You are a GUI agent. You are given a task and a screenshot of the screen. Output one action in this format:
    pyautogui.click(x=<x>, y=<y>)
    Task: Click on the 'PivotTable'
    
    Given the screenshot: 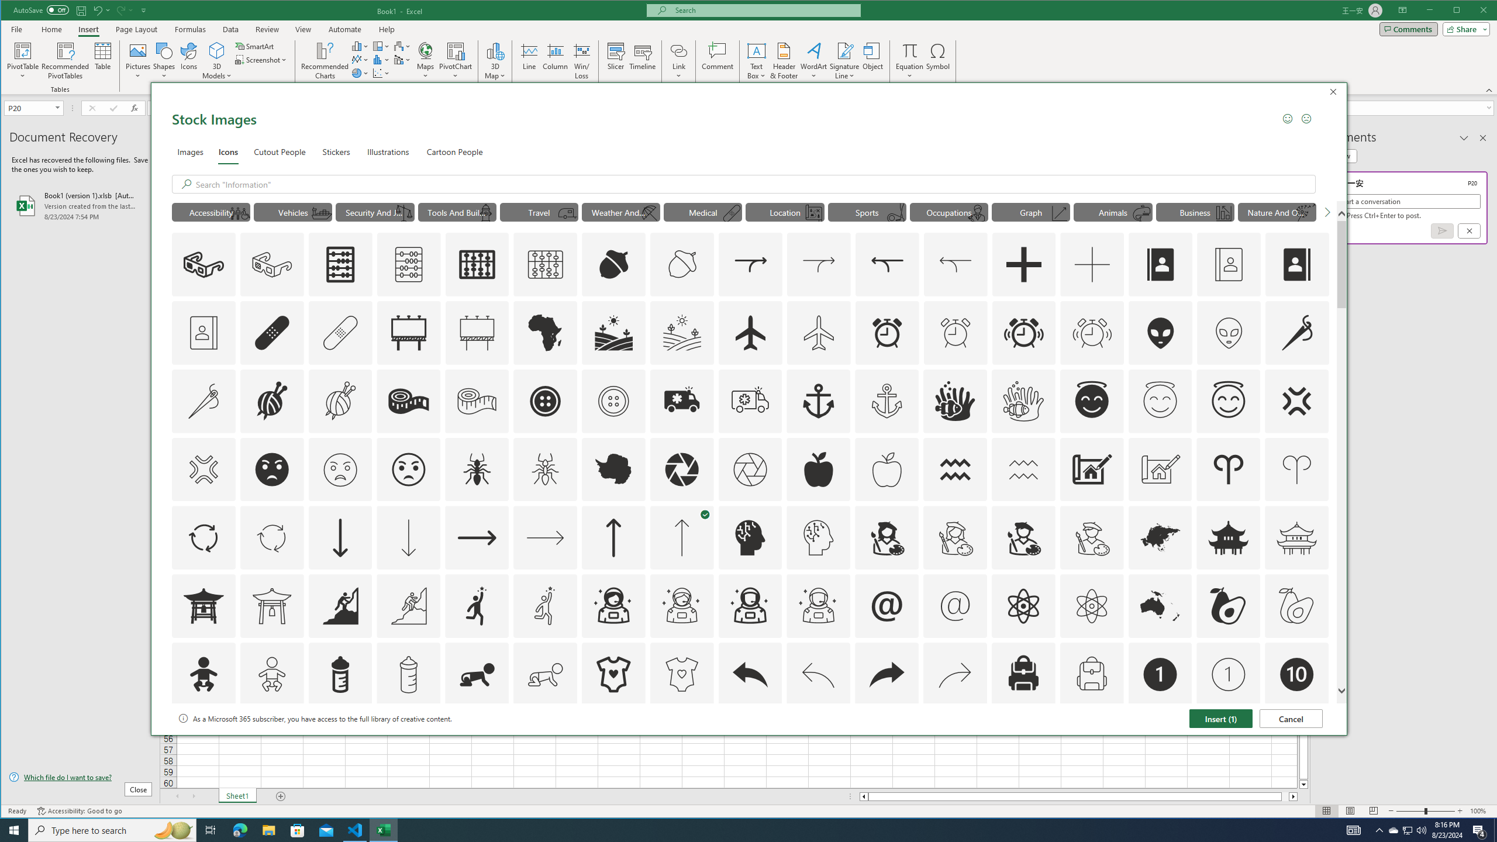 What is the action you would take?
    pyautogui.click(x=22, y=60)
    